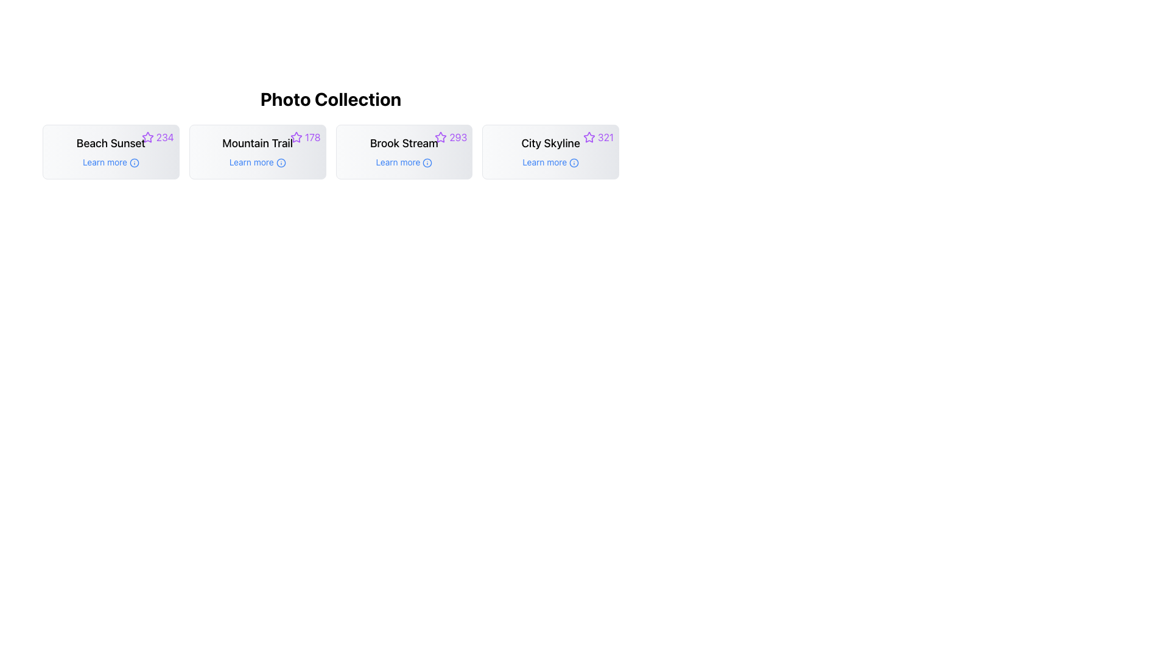 This screenshot has height=657, width=1169. Describe the element at coordinates (404, 142) in the screenshot. I see `the central title Text Label of the third card in a grid layout` at that location.